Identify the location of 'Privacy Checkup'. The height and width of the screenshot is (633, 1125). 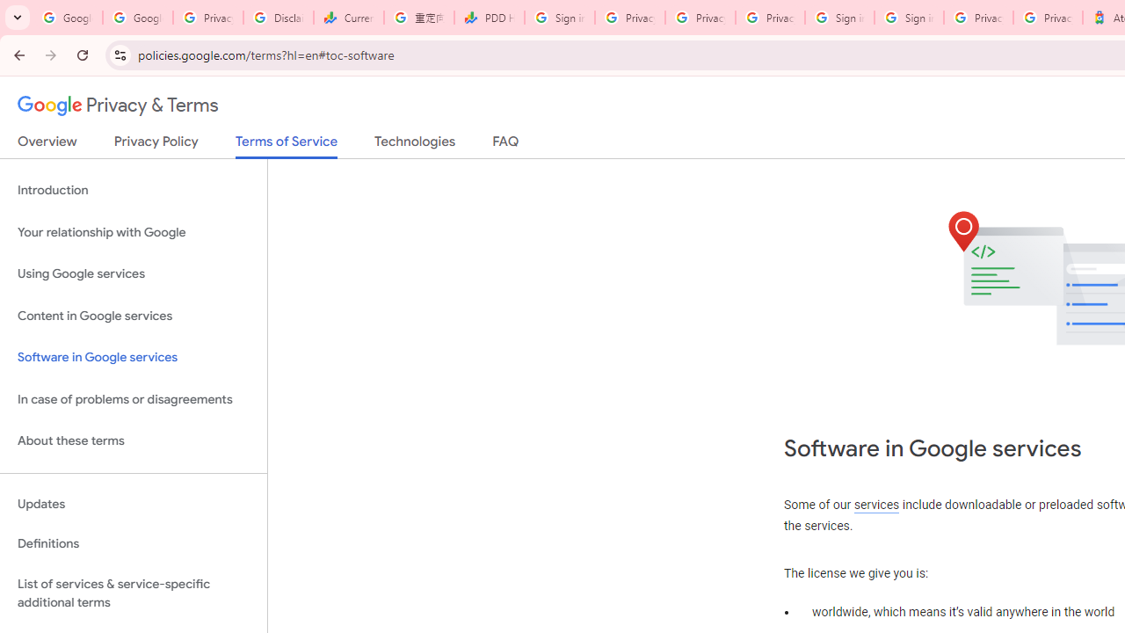
(770, 18).